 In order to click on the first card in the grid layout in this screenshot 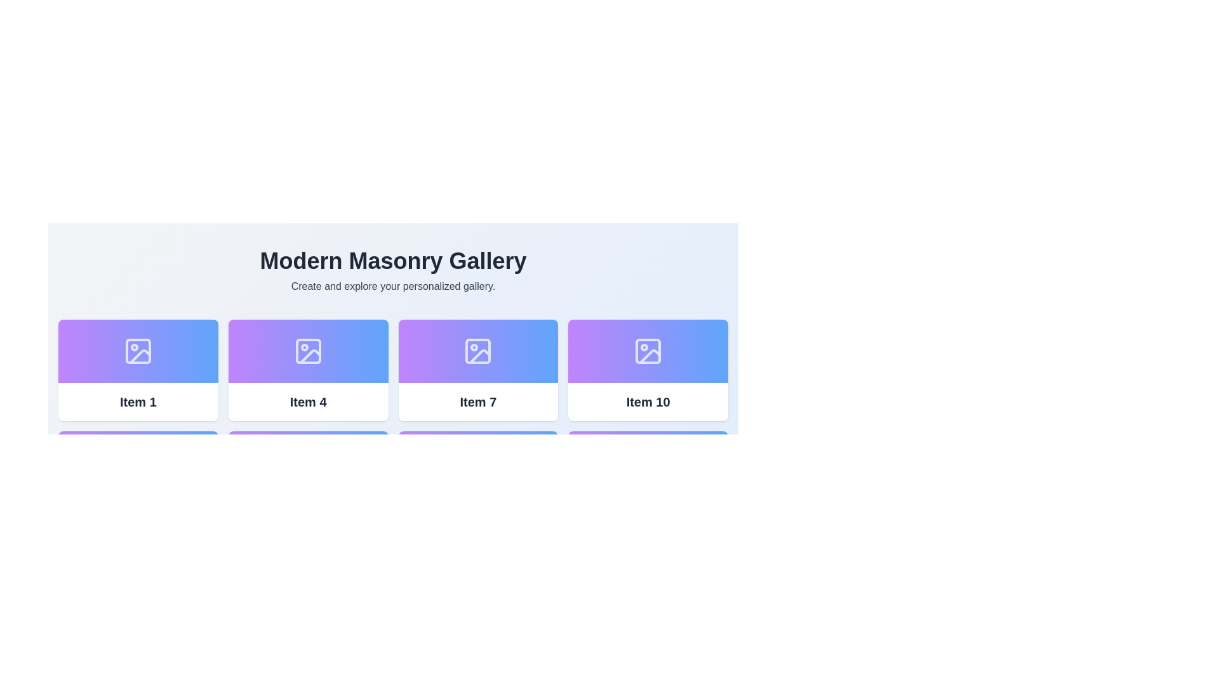, I will do `click(138, 370)`.